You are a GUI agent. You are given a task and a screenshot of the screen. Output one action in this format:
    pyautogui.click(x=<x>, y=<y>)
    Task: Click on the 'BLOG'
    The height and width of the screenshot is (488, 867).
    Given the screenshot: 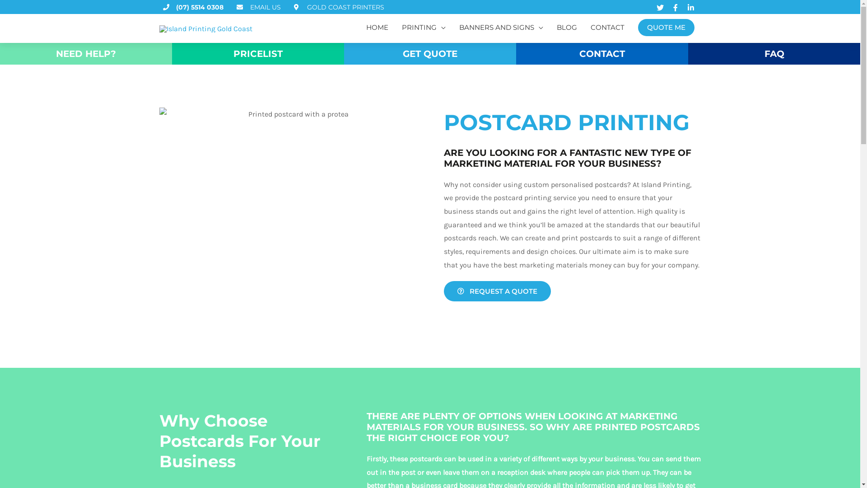 What is the action you would take?
    pyautogui.click(x=566, y=27)
    